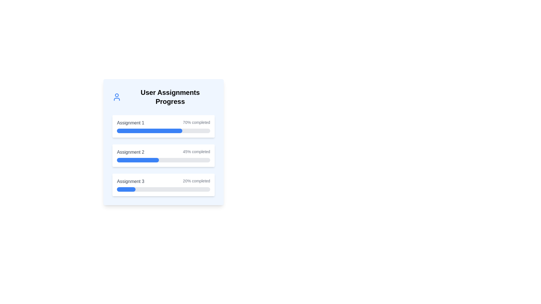 Image resolution: width=541 pixels, height=304 pixels. I want to click on the filled portion of the blue progress bar indicator within the third progress bar of the 'User Assignments Progress' section, positioned beneath 'Assignment 3', so click(126, 189).